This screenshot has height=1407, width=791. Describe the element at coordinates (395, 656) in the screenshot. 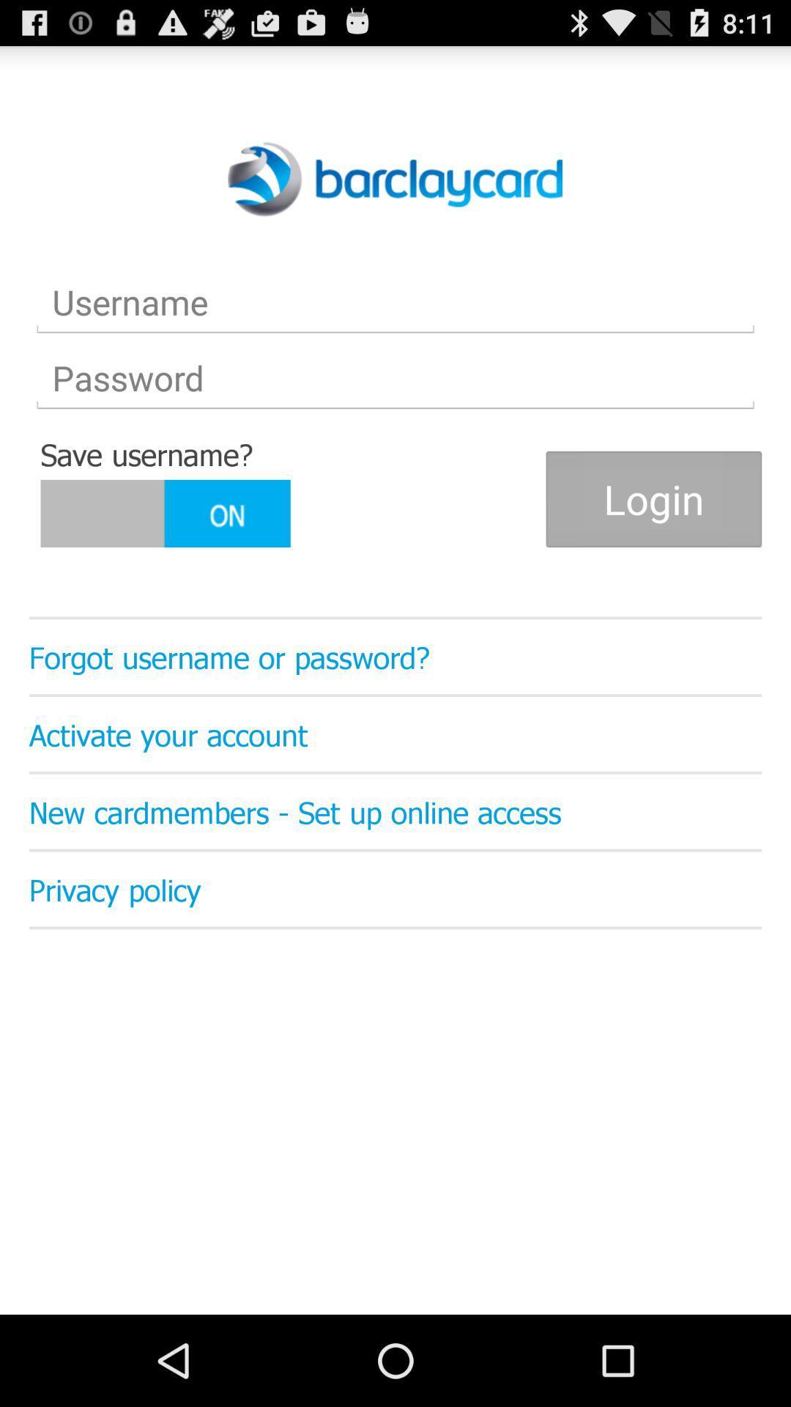

I see `forgot username or item` at that location.